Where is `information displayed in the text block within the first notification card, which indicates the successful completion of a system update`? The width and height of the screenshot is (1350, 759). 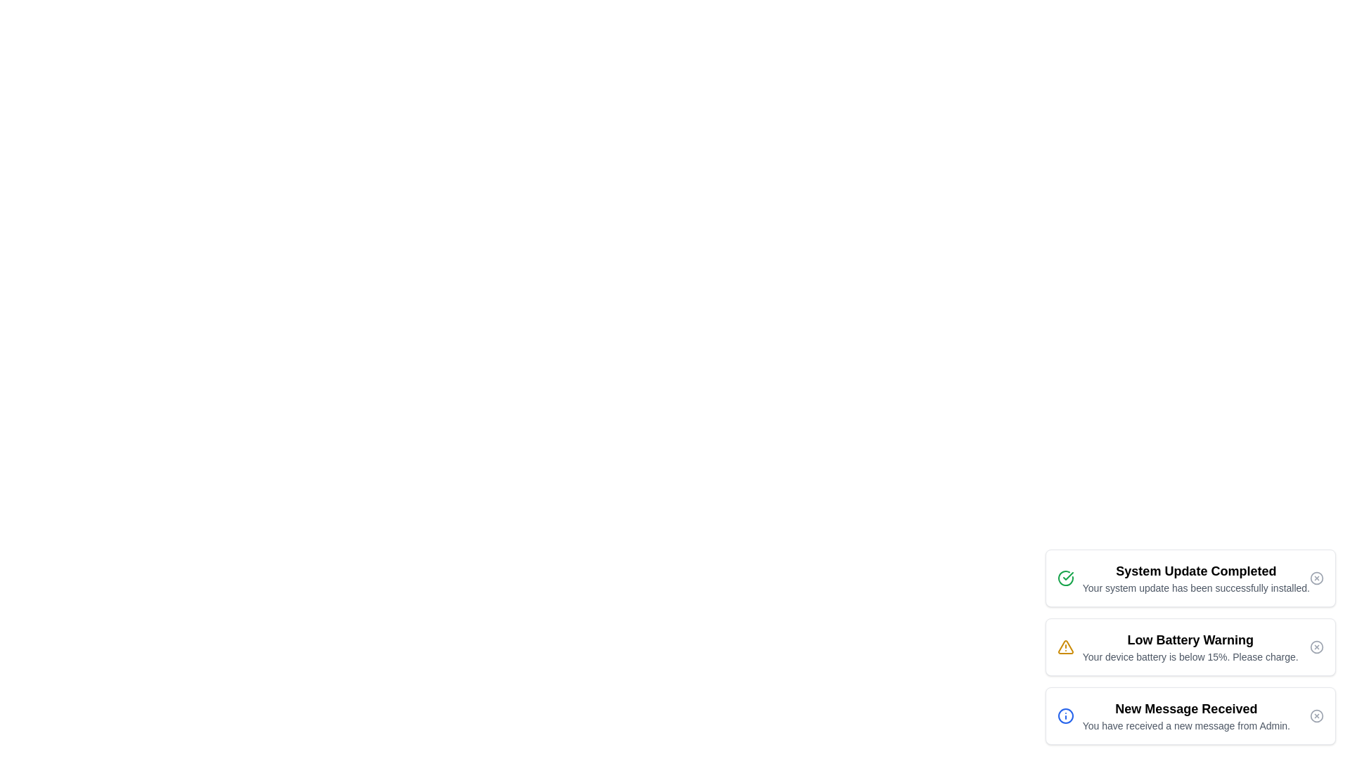 information displayed in the text block within the first notification card, which indicates the successful completion of a system update is located at coordinates (1195, 578).